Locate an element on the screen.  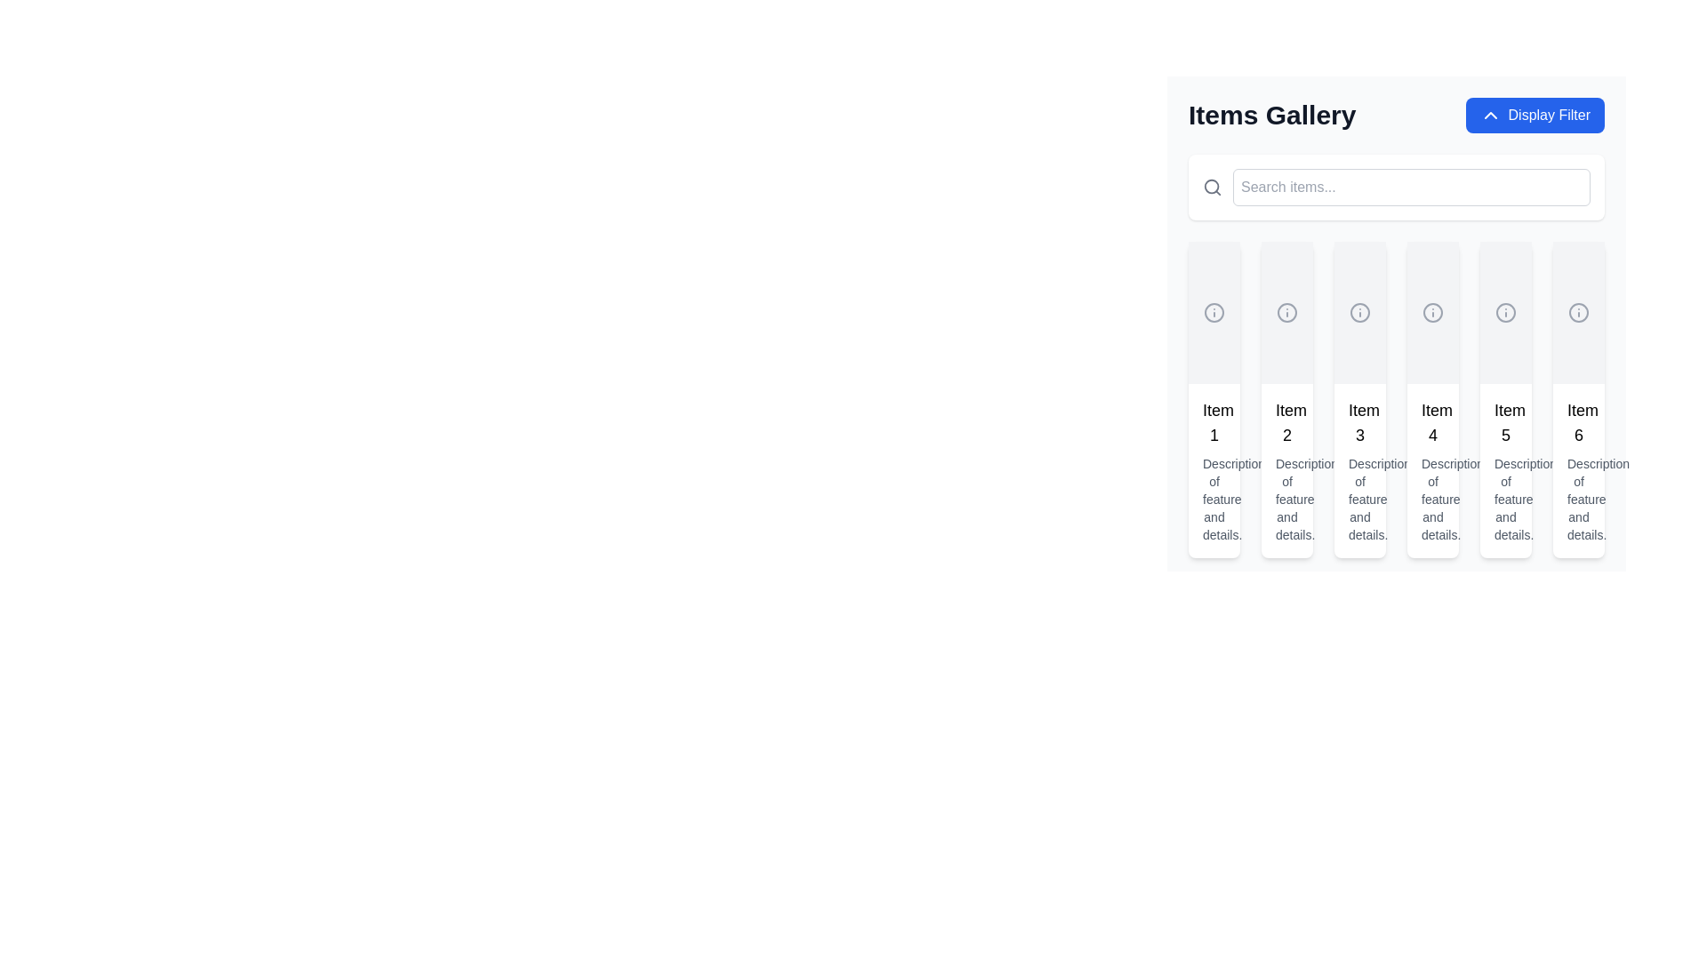
the text label that displays the title or identifier of the content in the fifth card of the horizontally arranged list is located at coordinates (1505, 422).